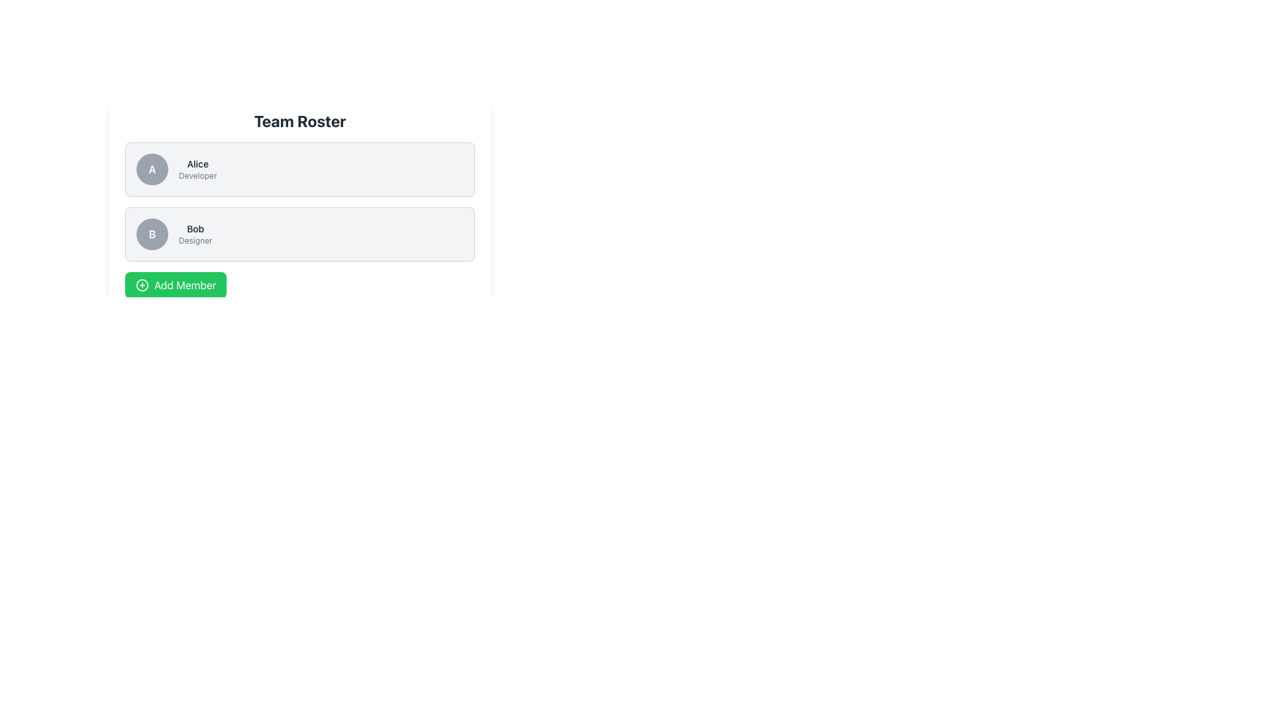  What do you see at coordinates (142, 285) in the screenshot?
I see `the small circle icon located at the left end of the green 'Add Member' button, which is positioned below the user entries 'Alice Developer' and 'Bob Designer'` at bounding box center [142, 285].